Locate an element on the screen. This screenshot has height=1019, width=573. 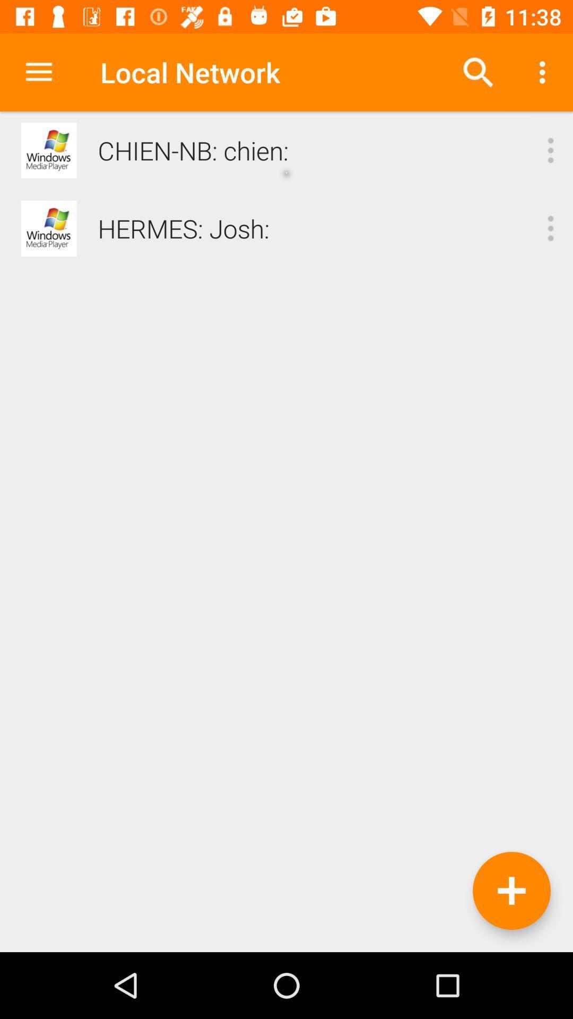
app next to local network is located at coordinates (38, 72).